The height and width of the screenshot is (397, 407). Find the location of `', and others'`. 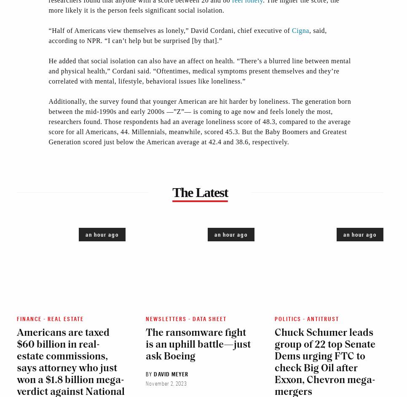

', and others' is located at coordinates (67, 38).